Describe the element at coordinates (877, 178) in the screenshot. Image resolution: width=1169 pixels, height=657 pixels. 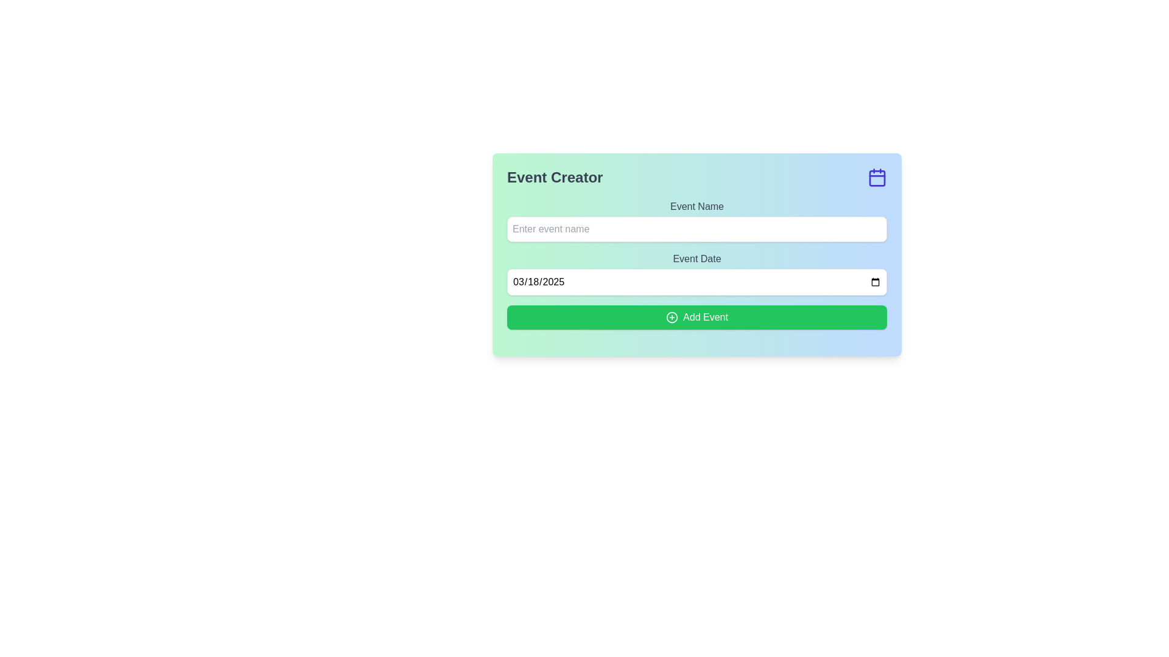
I see `the calendar icon by clicking on its central structural component, which is a soft blue rectangular shape with rounded corners, located in the top-right corner of the interface` at that location.